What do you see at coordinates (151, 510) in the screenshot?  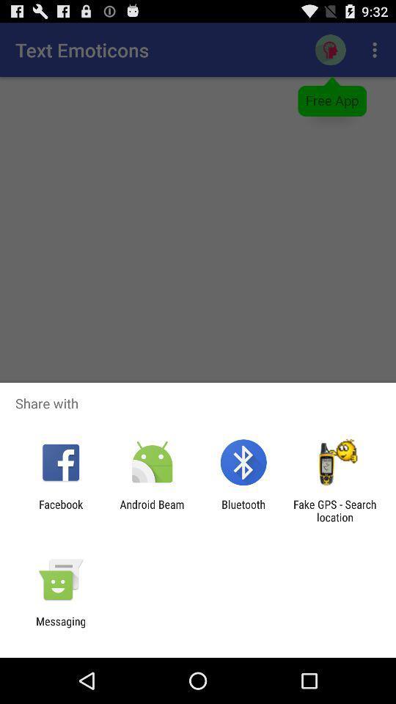 I see `icon next to bluetooth icon` at bounding box center [151, 510].